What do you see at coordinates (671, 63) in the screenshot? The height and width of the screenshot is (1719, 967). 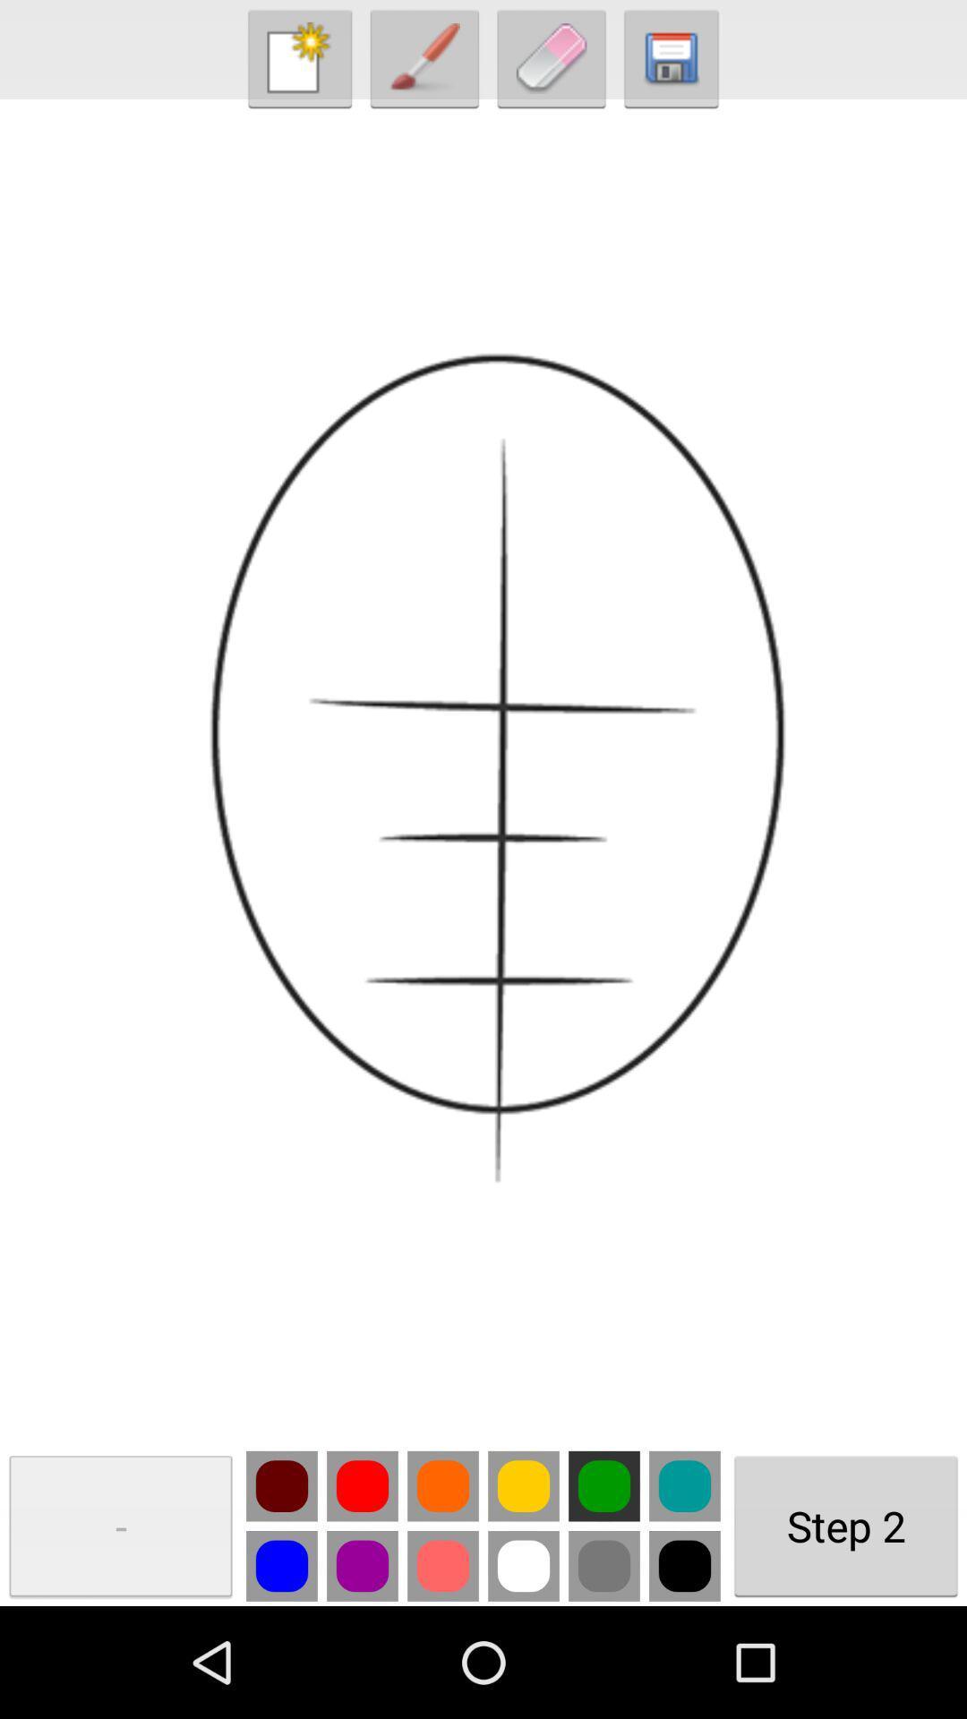 I see `the save icon` at bounding box center [671, 63].